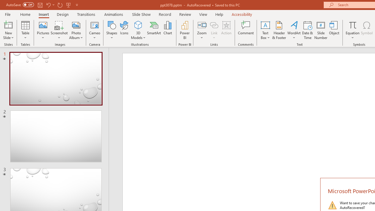 The width and height of the screenshot is (375, 211). What do you see at coordinates (294, 30) in the screenshot?
I see `'WordArt'` at bounding box center [294, 30].